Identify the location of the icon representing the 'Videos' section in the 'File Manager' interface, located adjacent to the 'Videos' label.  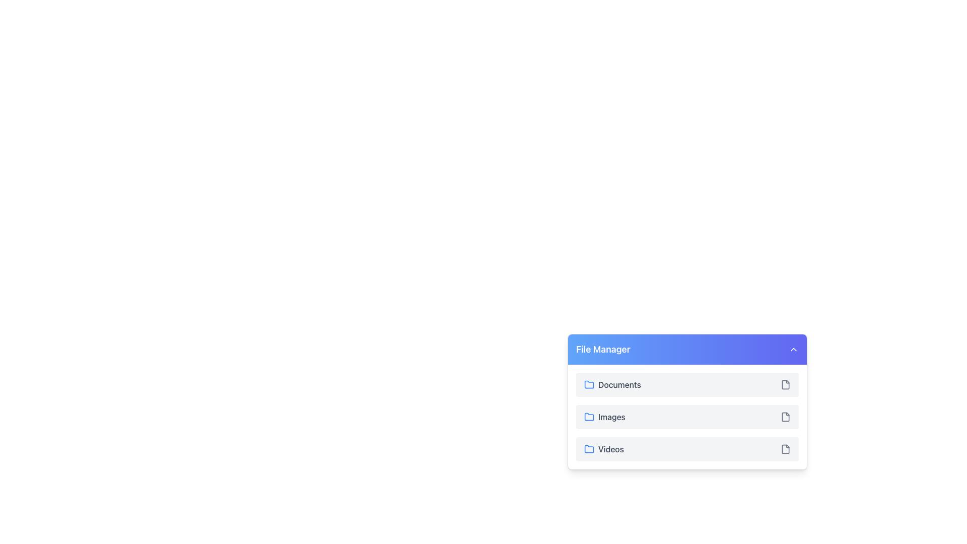
(785, 448).